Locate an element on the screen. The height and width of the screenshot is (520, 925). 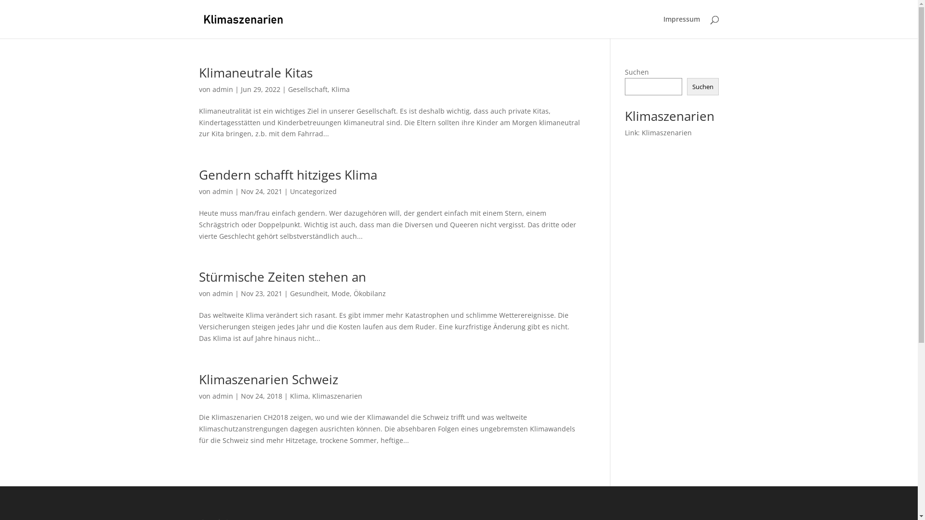
'admin' is located at coordinates (211, 191).